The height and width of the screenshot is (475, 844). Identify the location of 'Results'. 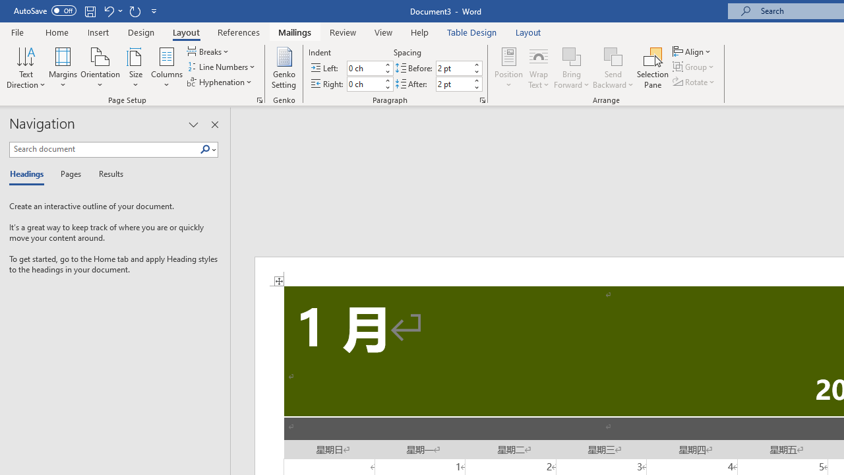
(106, 174).